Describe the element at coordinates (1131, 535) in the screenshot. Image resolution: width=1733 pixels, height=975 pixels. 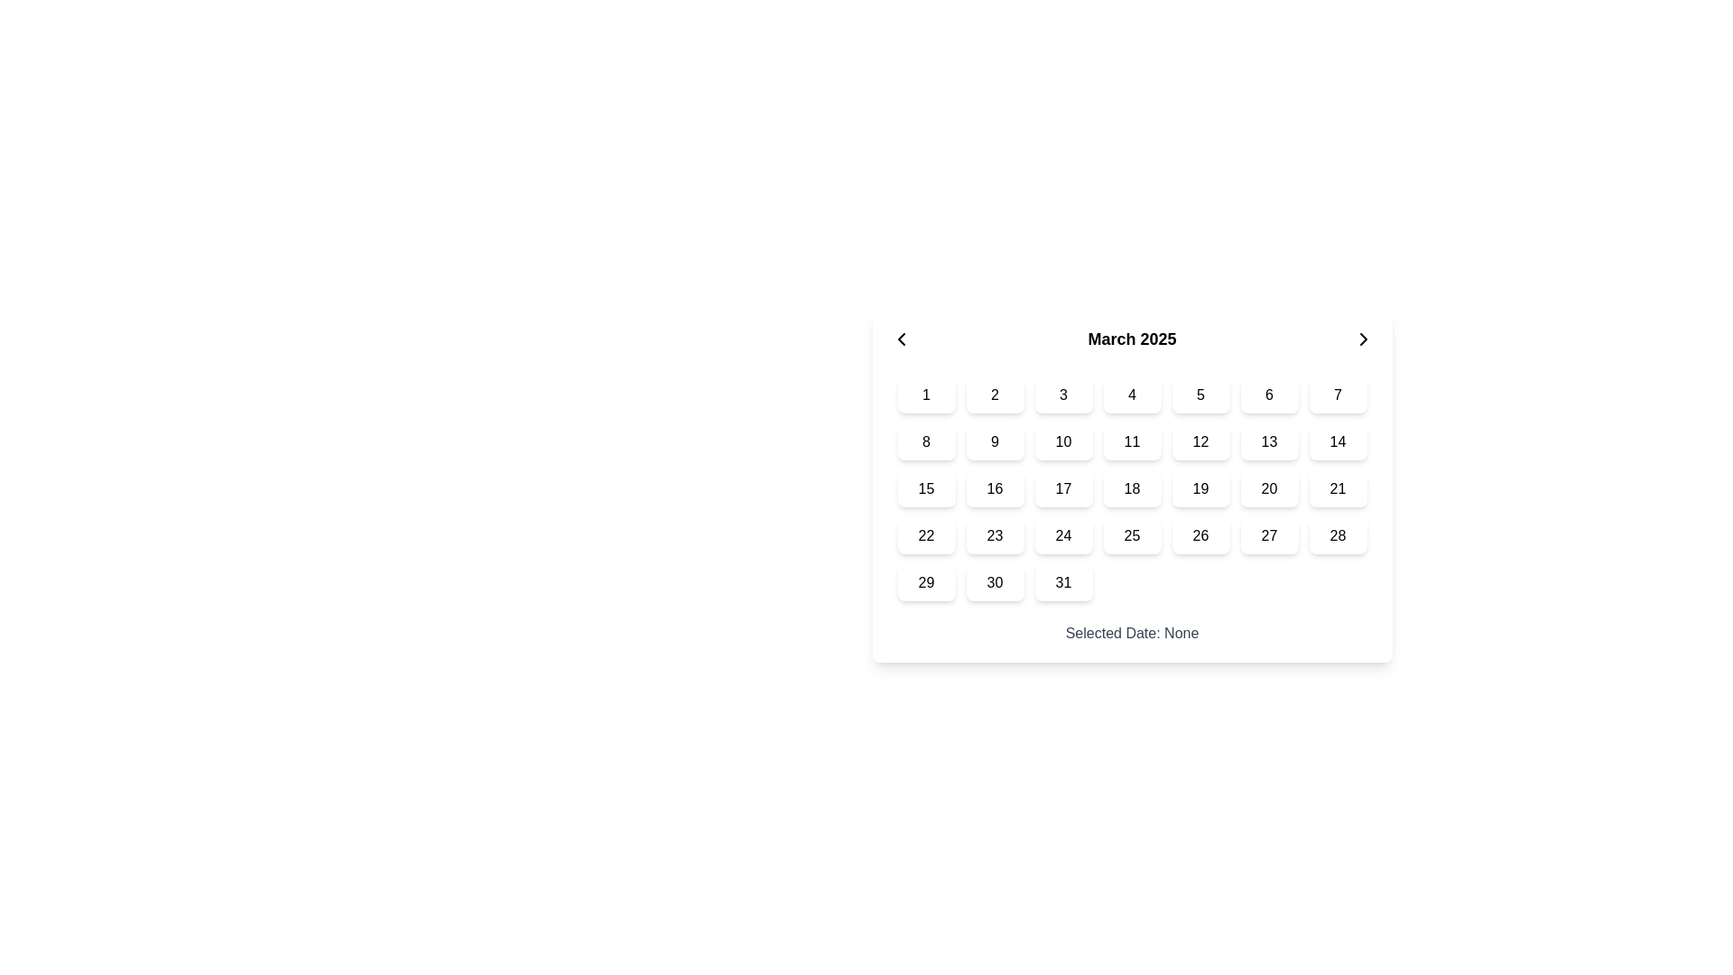
I see `the date button representing March 25, 2025, located in the fifth column of the fourth row of the calendar interface` at that location.